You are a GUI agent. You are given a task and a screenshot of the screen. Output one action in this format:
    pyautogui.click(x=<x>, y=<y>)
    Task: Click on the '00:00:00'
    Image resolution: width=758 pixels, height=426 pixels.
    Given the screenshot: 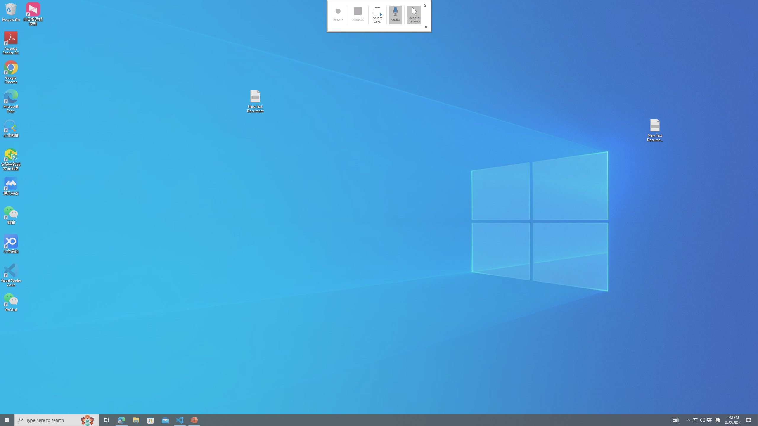 What is the action you would take?
    pyautogui.click(x=357, y=14)
    